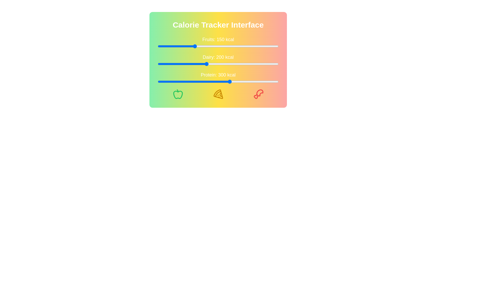 The image size is (499, 281). What do you see at coordinates (175, 46) in the screenshot?
I see `the calorie slider for 'Fruits' to 74 kcal` at bounding box center [175, 46].